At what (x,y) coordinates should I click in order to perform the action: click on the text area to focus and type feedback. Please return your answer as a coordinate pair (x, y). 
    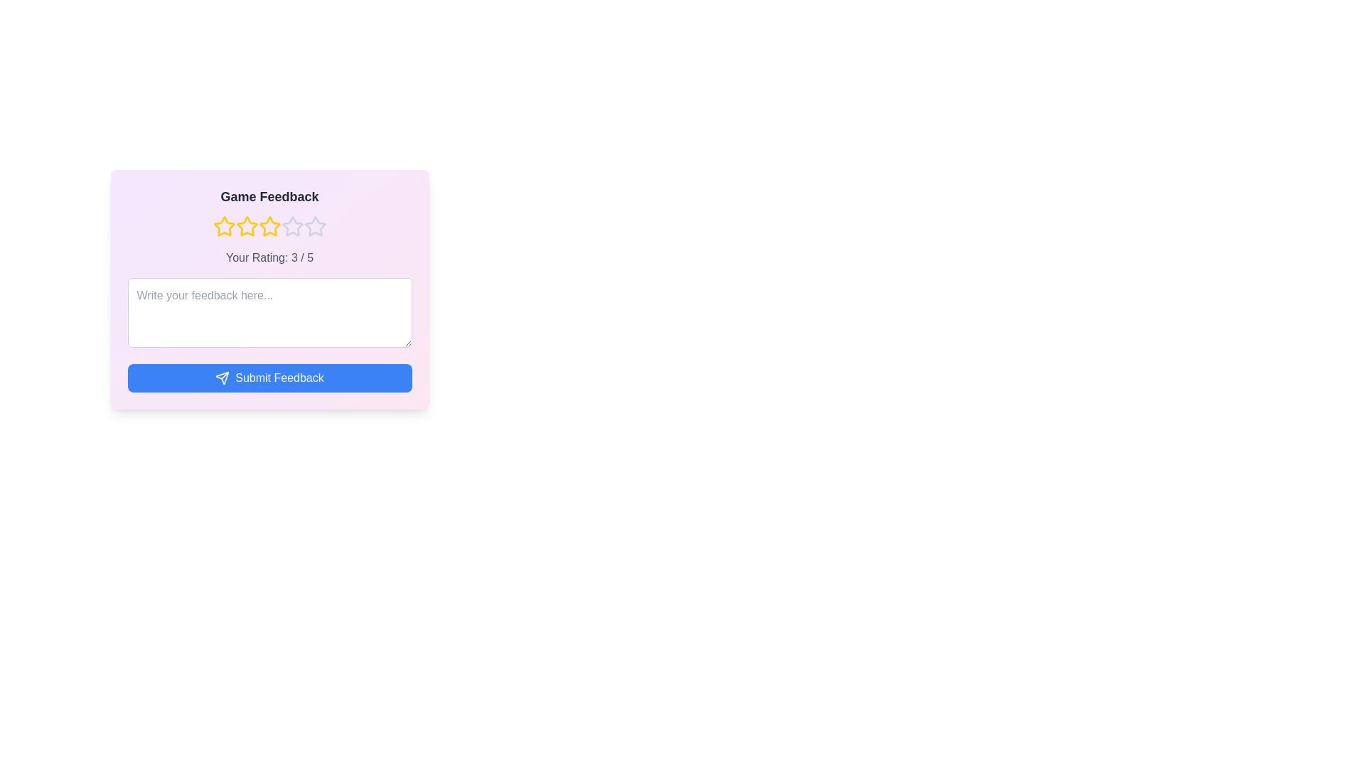
    Looking at the image, I should click on (269, 311).